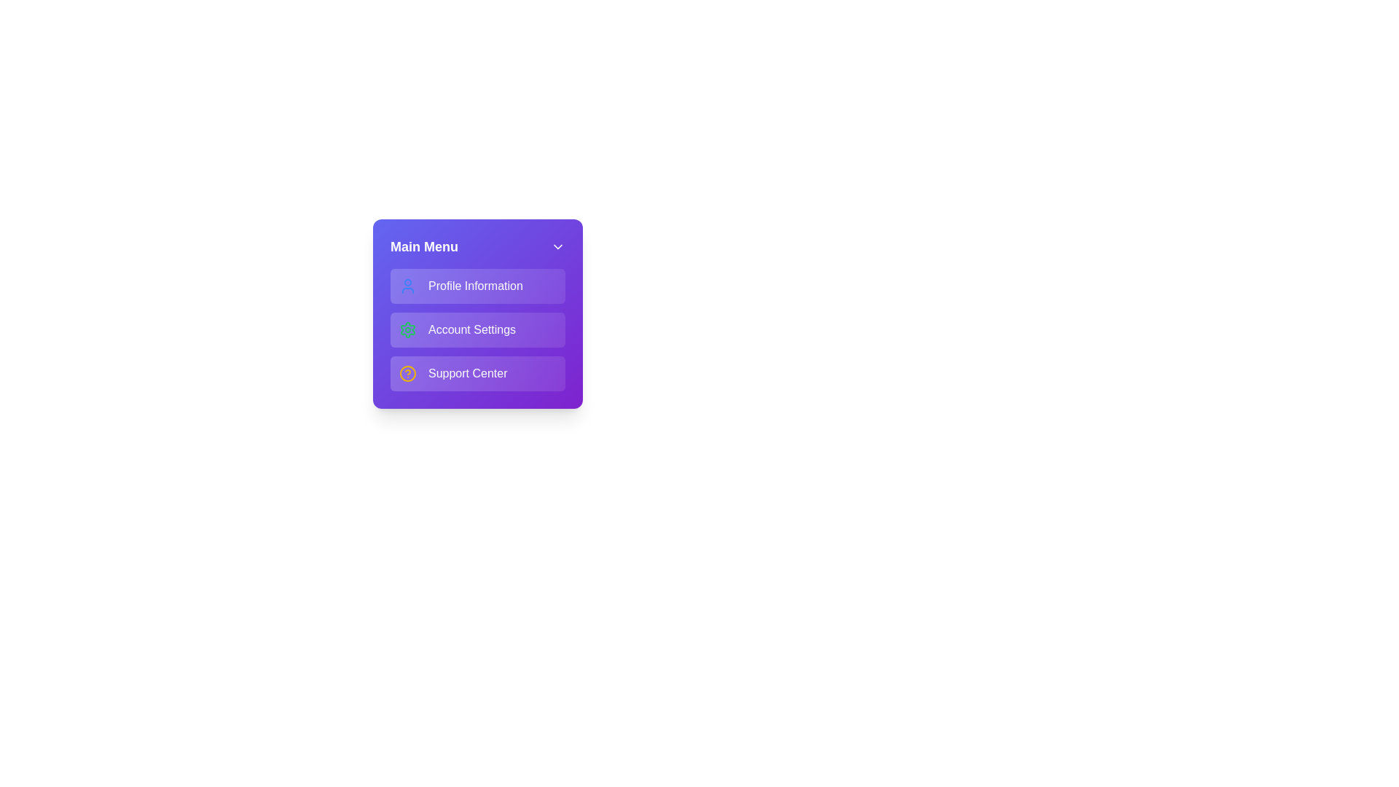 The width and height of the screenshot is (1399, 787). Describe the element at coordinates (478, 329) in the screenshot. I see `the menu item Account Settings` at that location.